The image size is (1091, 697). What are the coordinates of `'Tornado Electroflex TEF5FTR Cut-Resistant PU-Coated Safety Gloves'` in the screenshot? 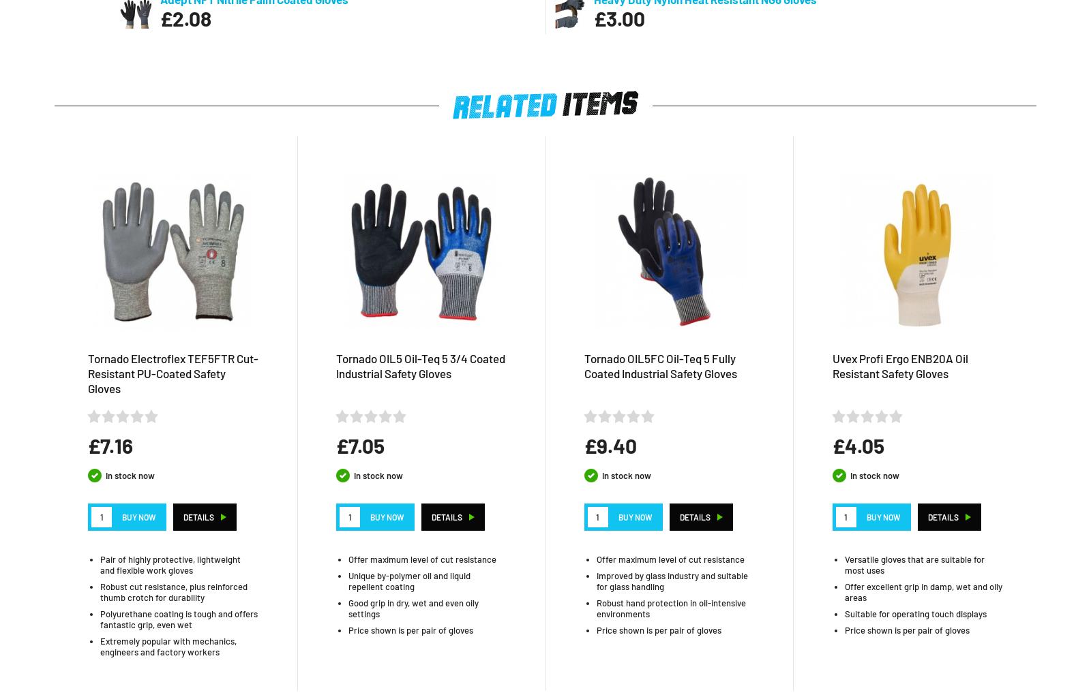 It's located at (173, 372).